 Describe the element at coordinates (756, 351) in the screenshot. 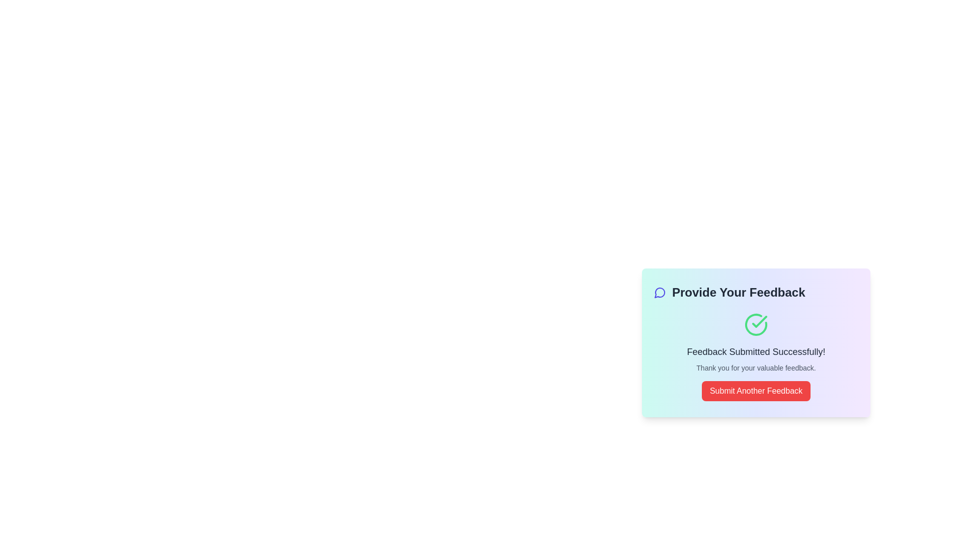

I see `the text label displaying the message 'Feedback Submitted Successfully!' which is styled prominently in a large dark gray font within the feedback confirmation interface` at that location.